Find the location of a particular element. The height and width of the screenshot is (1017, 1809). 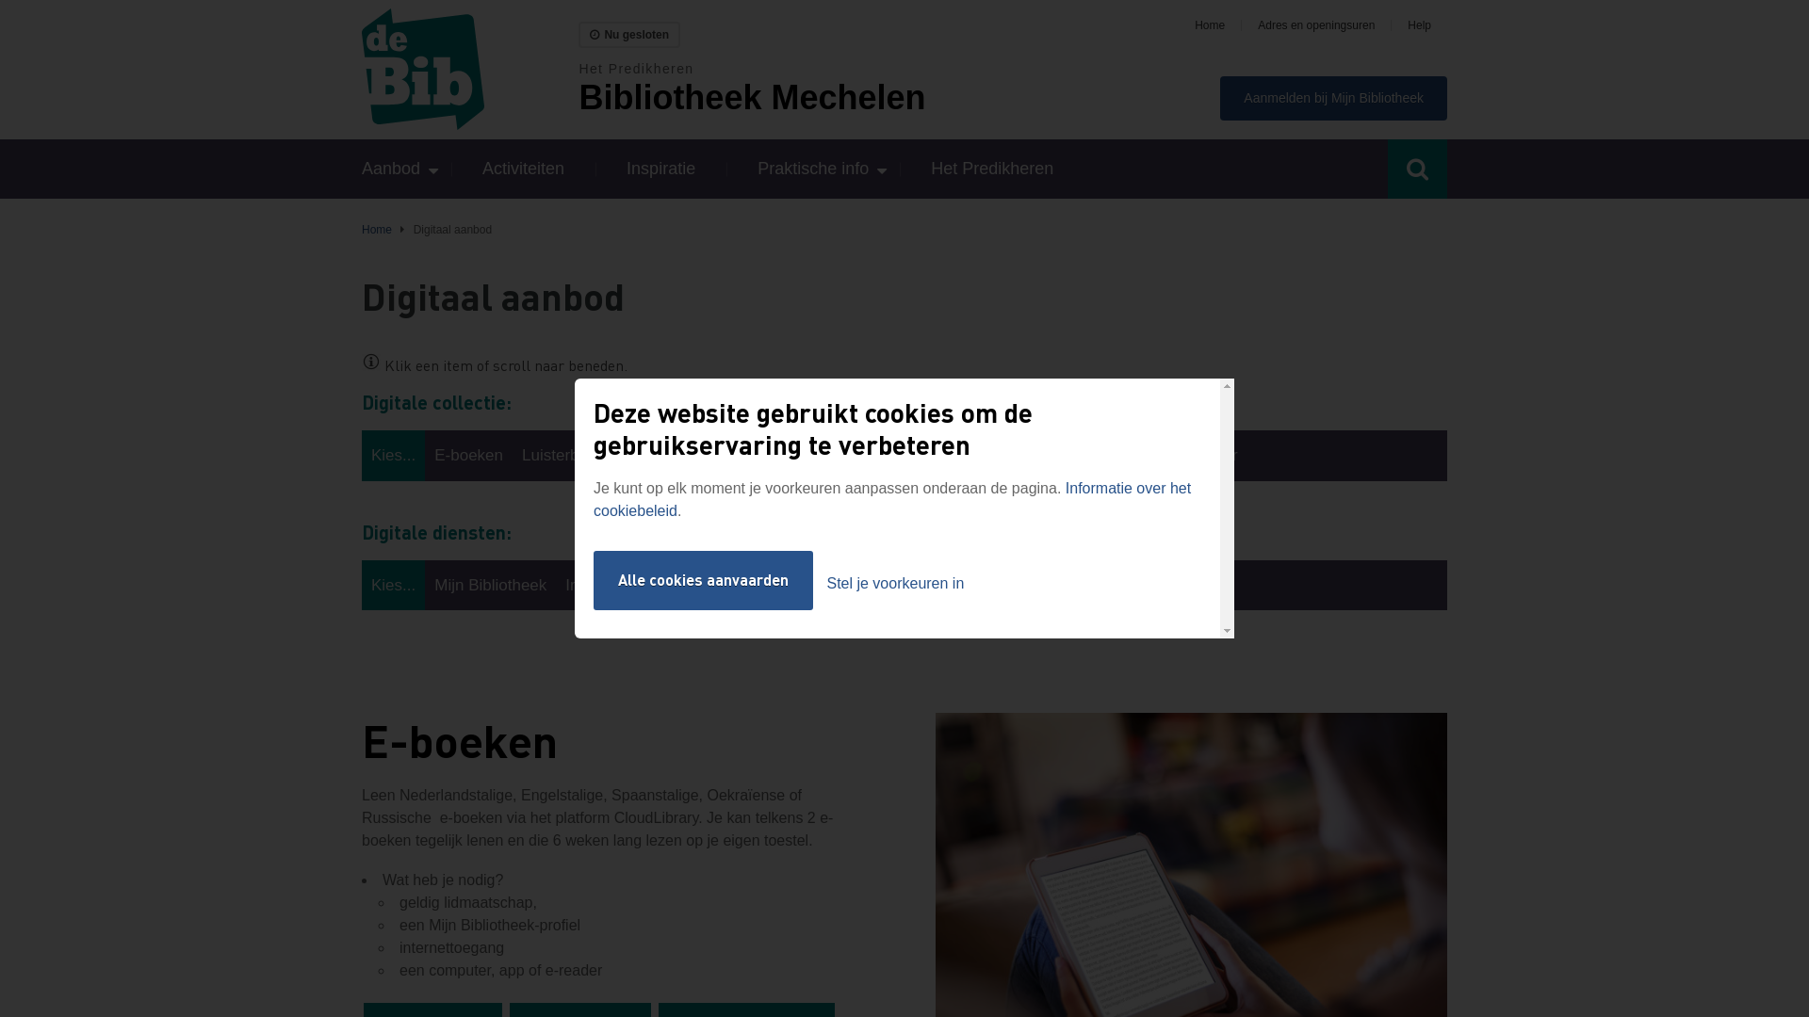

'Stel je voorkeuren in' is located at coordinates (894, 583).